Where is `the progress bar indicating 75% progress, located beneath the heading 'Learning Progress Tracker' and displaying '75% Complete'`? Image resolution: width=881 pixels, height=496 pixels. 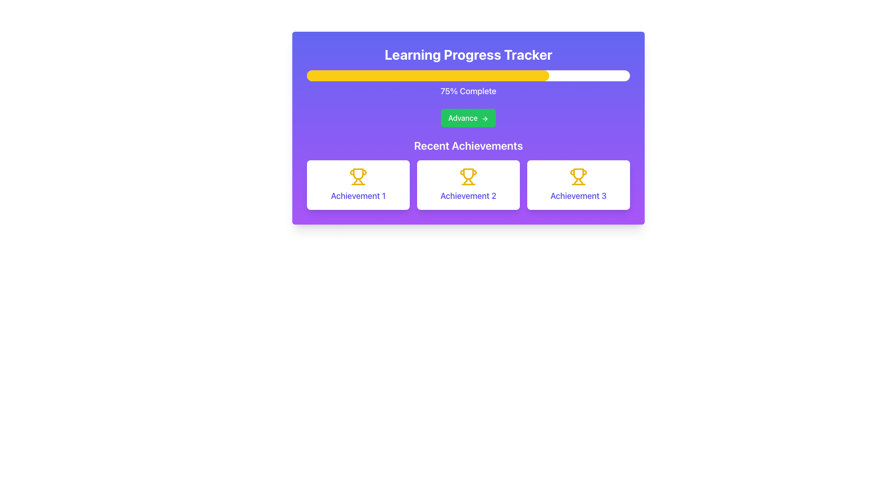
the progress bar indicating 75% progress, located beneath the heading 'Learning Progress Tracker' and displaying '75% Complete' is located at coordinates (468, 84).